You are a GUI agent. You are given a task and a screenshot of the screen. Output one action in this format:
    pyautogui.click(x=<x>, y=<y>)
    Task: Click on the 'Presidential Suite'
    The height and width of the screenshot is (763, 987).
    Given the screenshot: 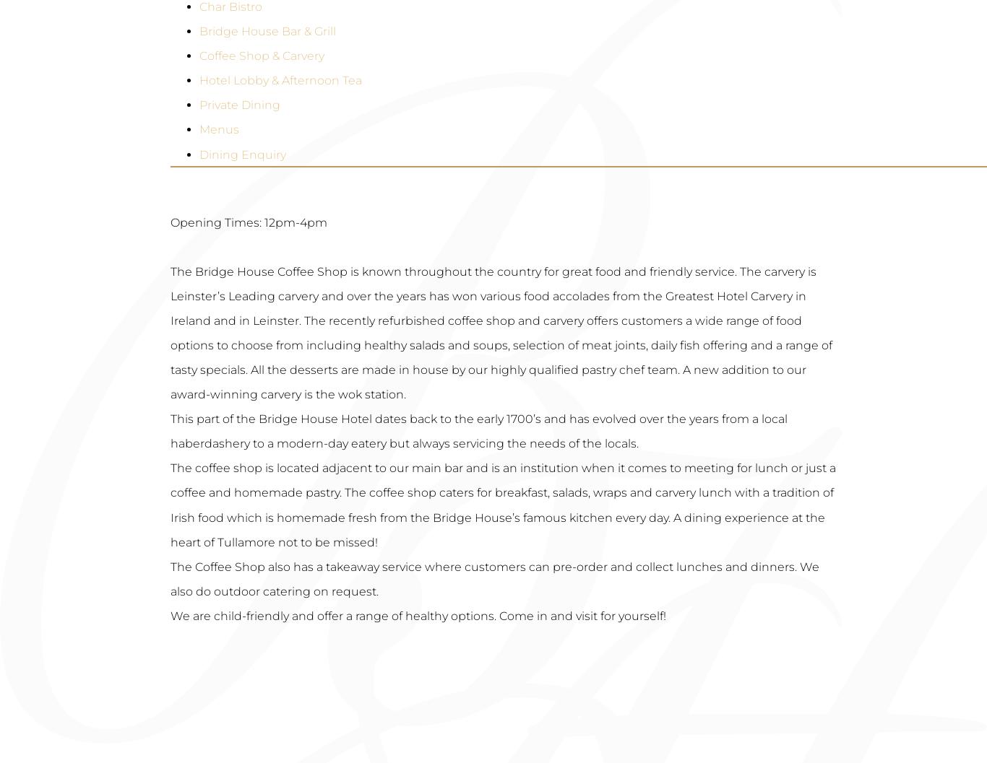 What is the action you would take?
    pyautogui.click(x=200, y=240)
    